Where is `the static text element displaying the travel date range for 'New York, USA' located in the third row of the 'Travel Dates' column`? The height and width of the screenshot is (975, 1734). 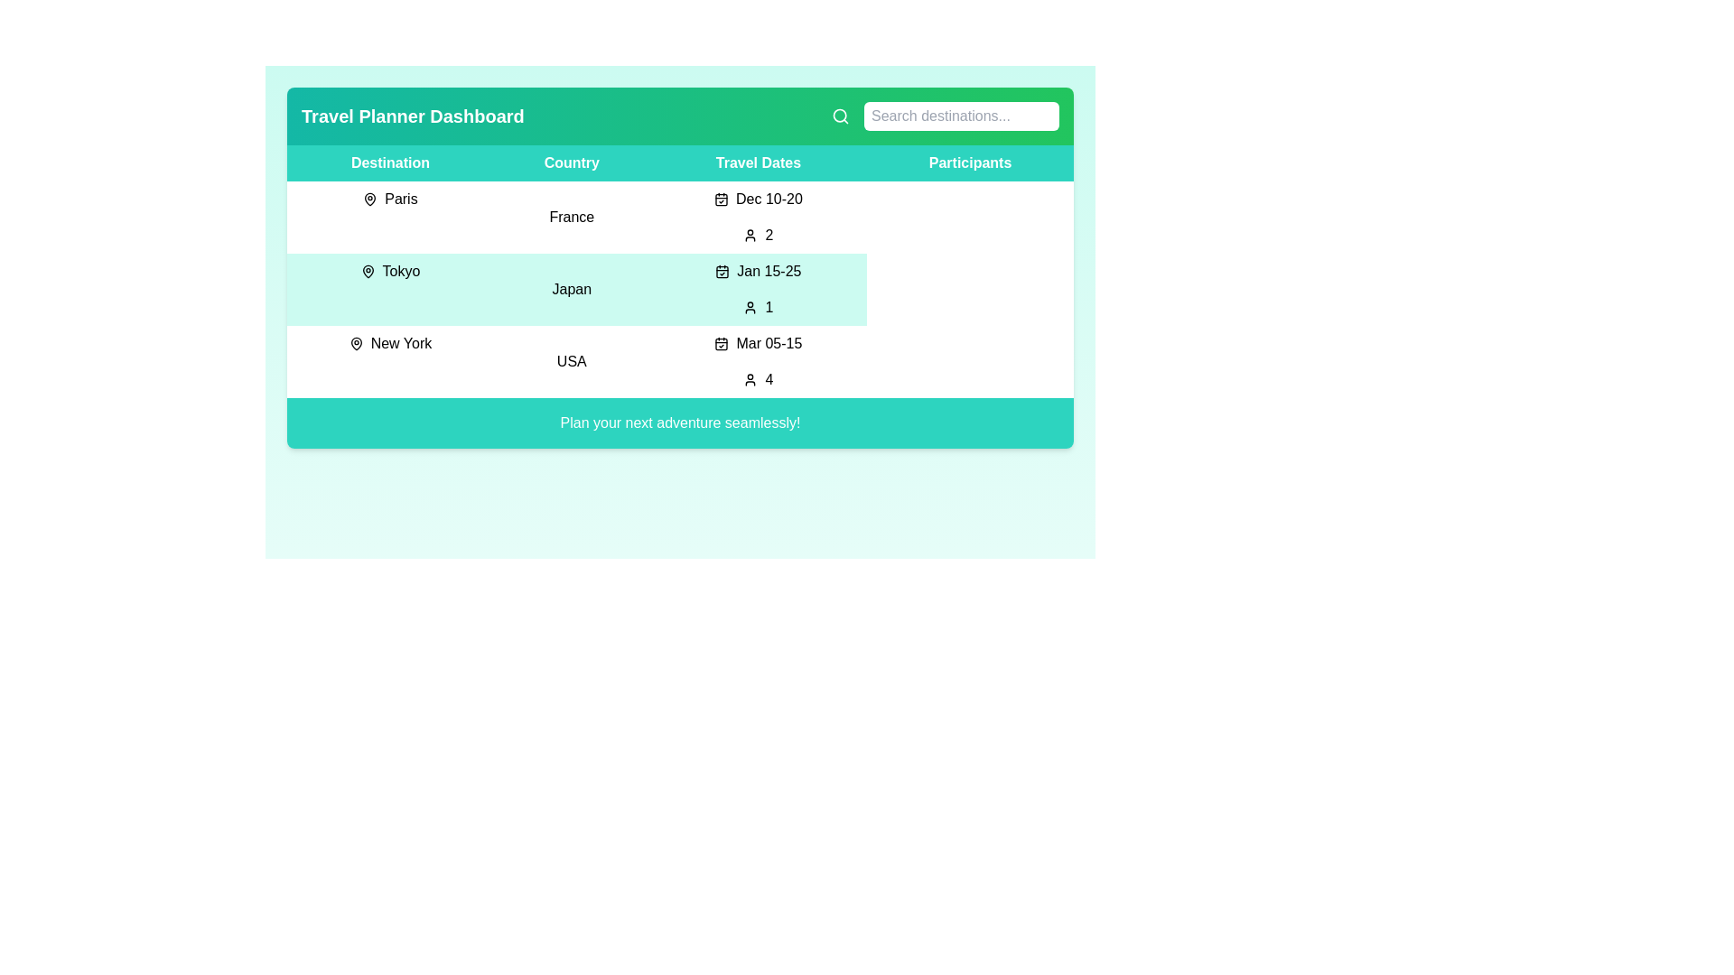 the static text element displaying the travel date range for 'New York, USA' located in the third row of the 'Travel Dates' column is located at coordinates (759, 344).